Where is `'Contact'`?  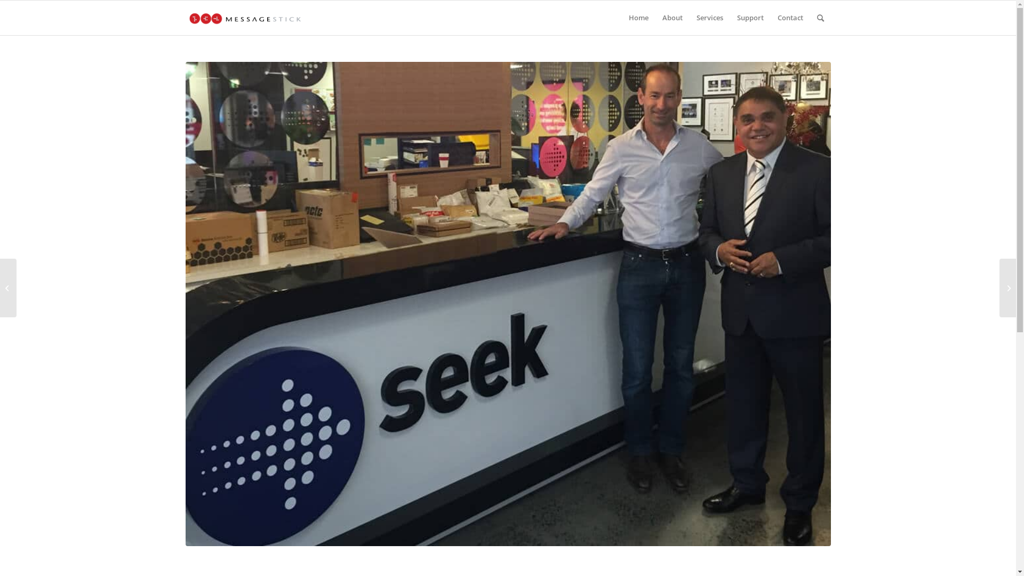 'Contact' is located at coordinates (790, 18).